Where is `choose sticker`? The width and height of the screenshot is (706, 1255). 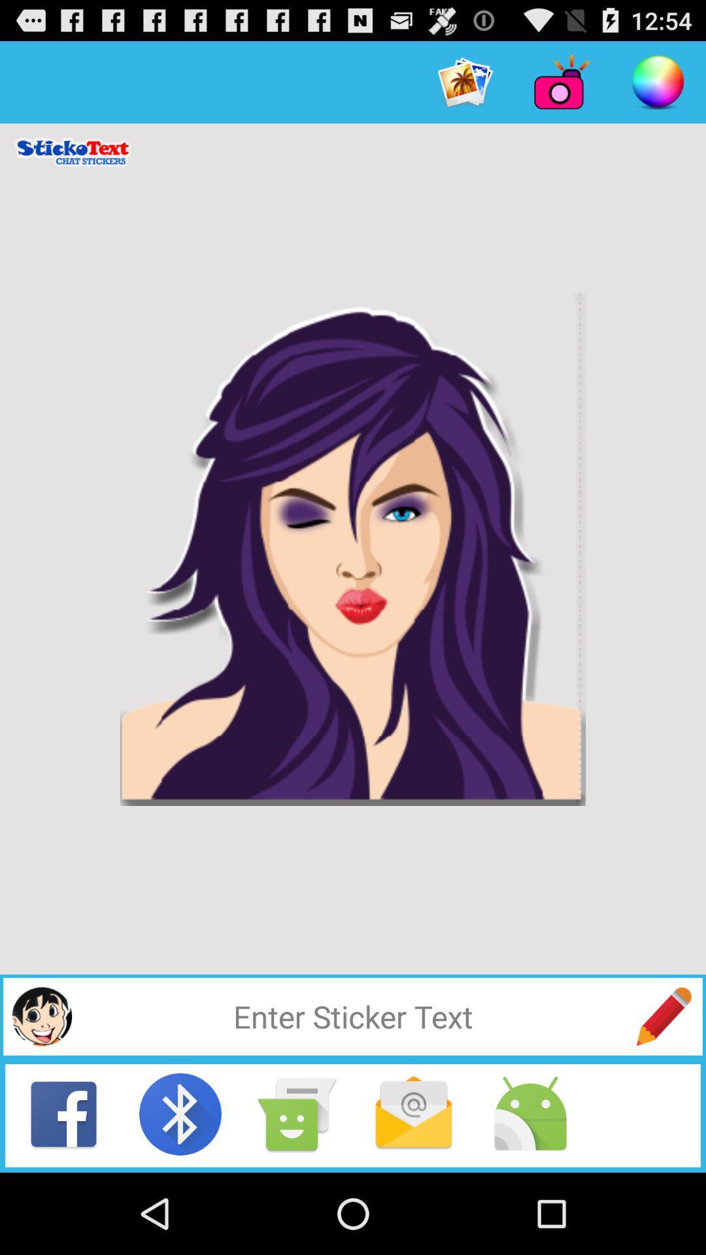 choose sticker is located at coordinates (41, 1016).